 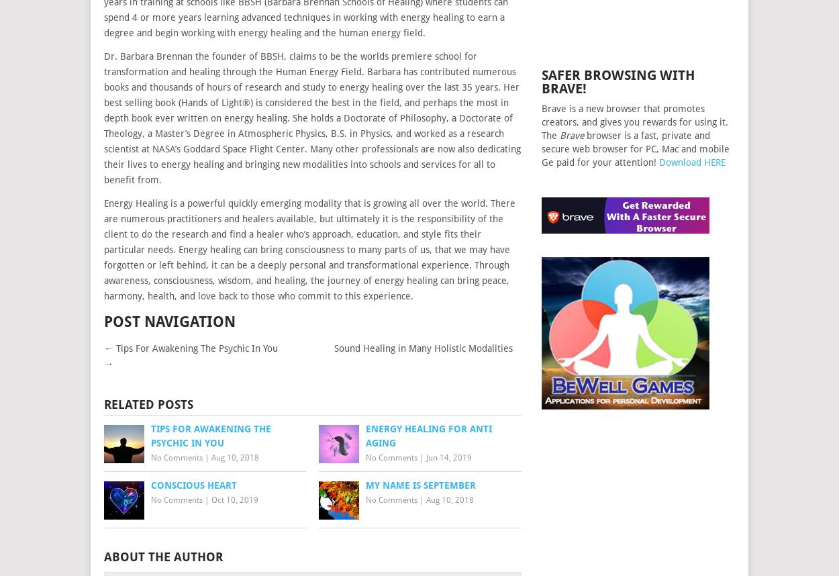 What do you see at coordinates (311, 117) in the screenshot?
I see `'Dr. Barbara Brennan the founder of BBSH, claims to be the worlds premiere school for transformation and healing through the Human Energy Field. Barbara has contributed numerous books and thousands of hours of research and study to energy healing over the last 35 years. Her best selling book (Hands of Light®) is considered the best in the field, and perhaps the most in depth book ever written on energy healing. She holds a Doctorate of Philosophy, a Doctorate of Theology, a Master’s Degree in Atmospheric Physics, B.S. in Physics, and worked as a research scientist at NASA’s Goddard Space Flight Center. Many other professionals are now also dedicating their lives to energy healing and bringing new modalities into schools and services for all to benefit from.'` at bounding box center [311, 117].